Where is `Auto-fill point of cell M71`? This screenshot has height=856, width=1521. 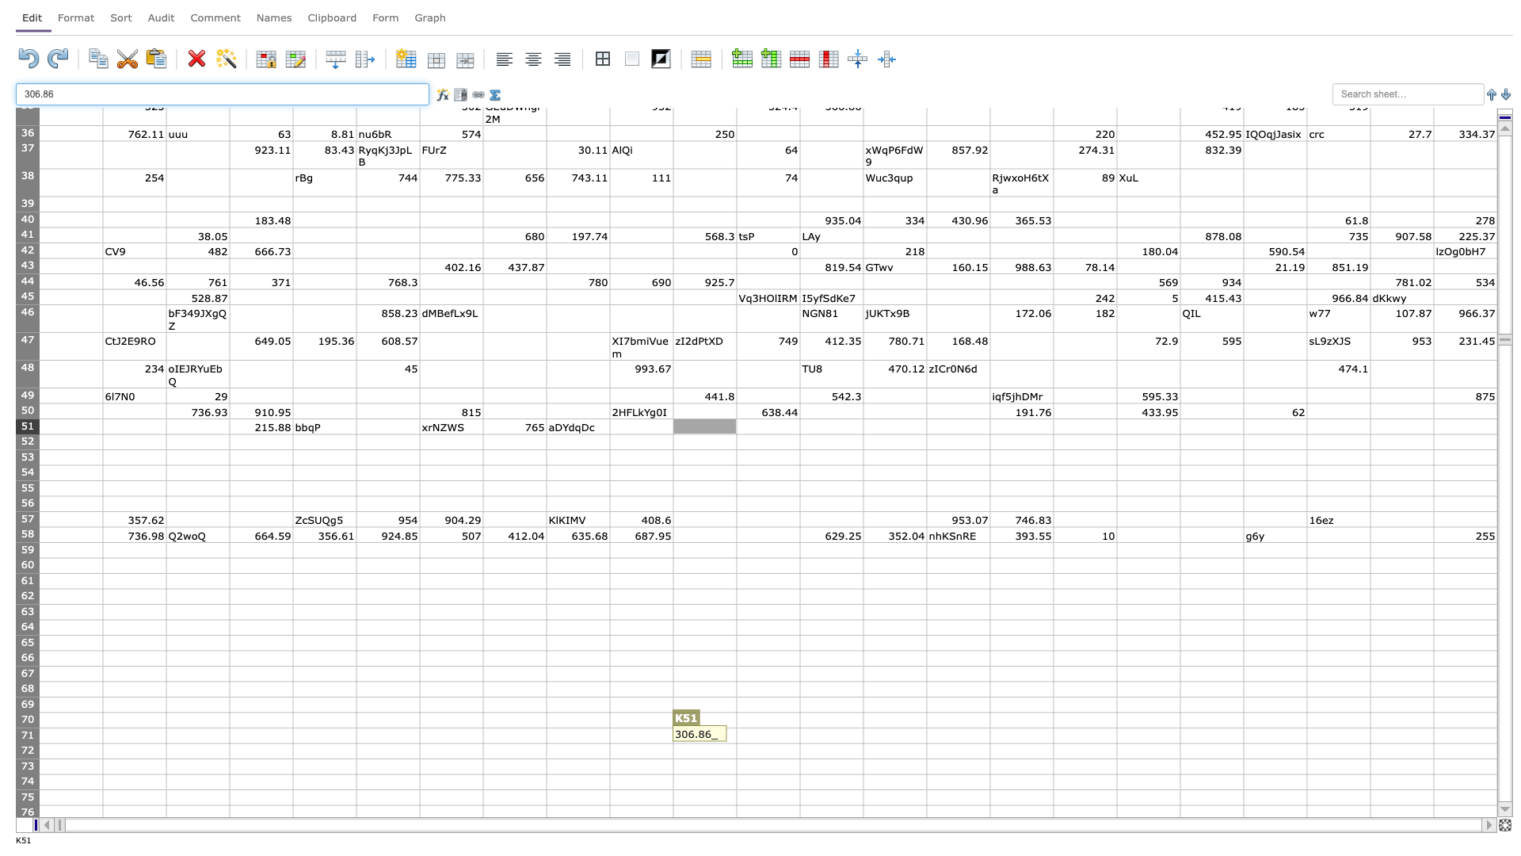 Auto-fill point of cell M71 is located at coordinates (862, 743).